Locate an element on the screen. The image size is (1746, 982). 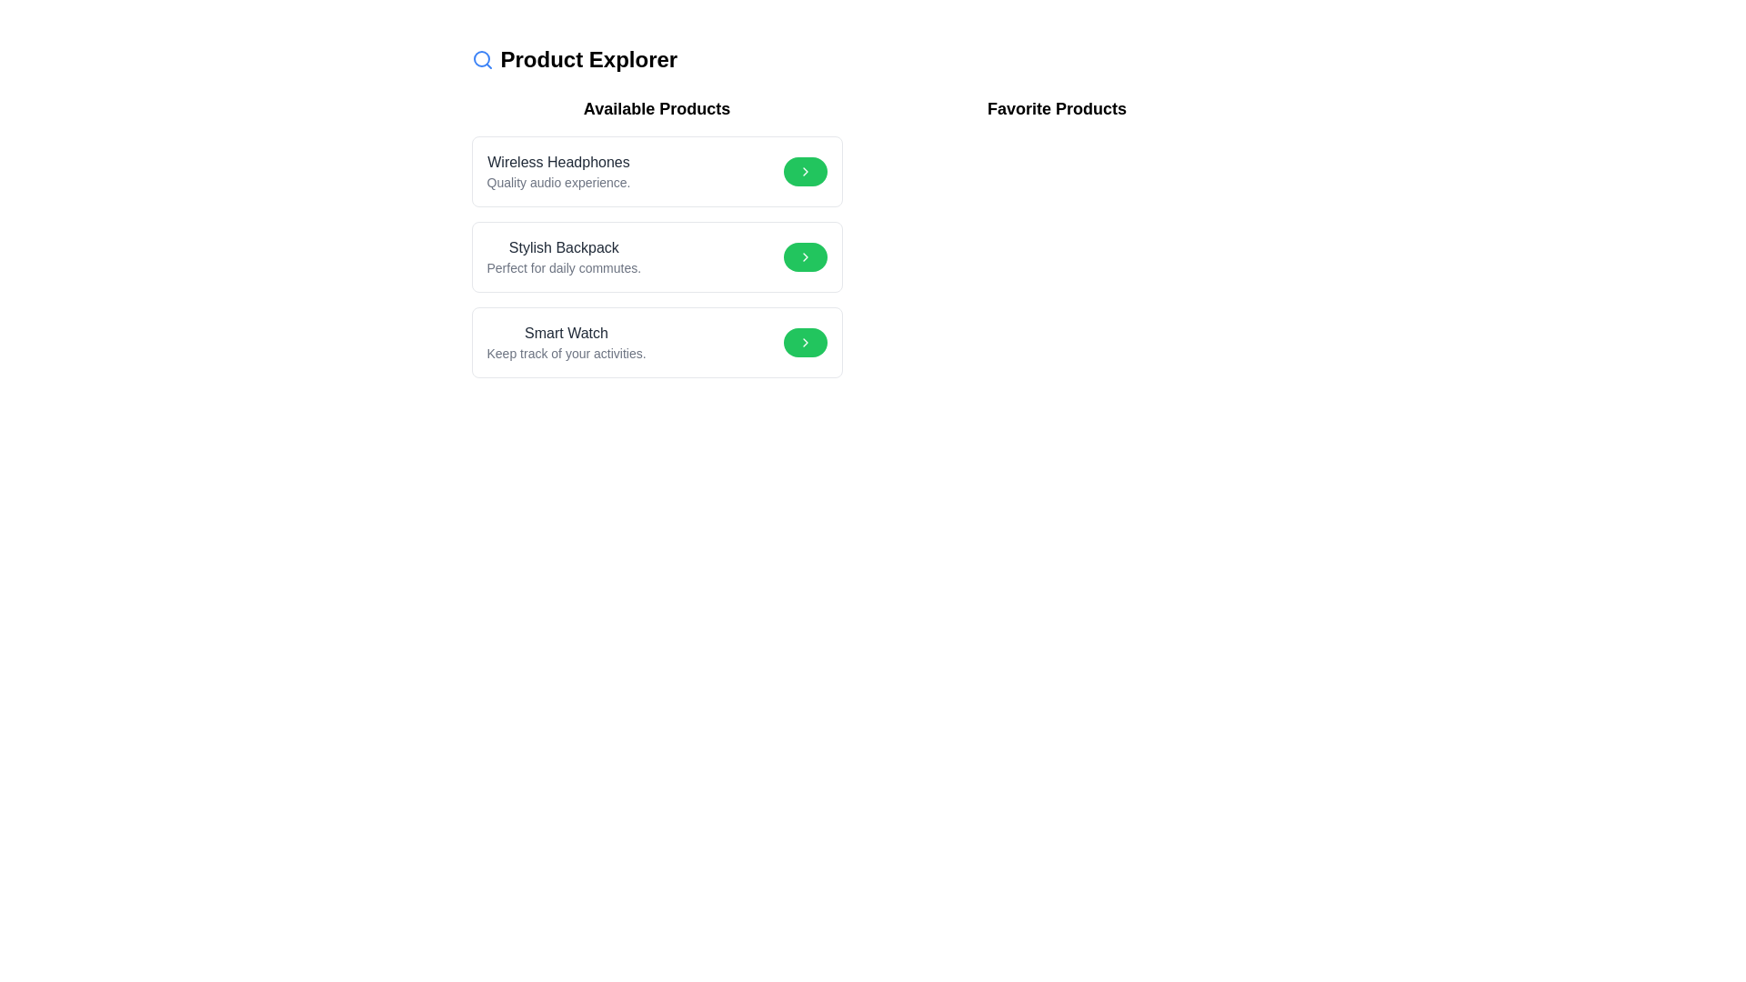
the green button with a white chevron icon located on the rightmost side of the 'Smart Watch' card is located at coordinates (804, 343).